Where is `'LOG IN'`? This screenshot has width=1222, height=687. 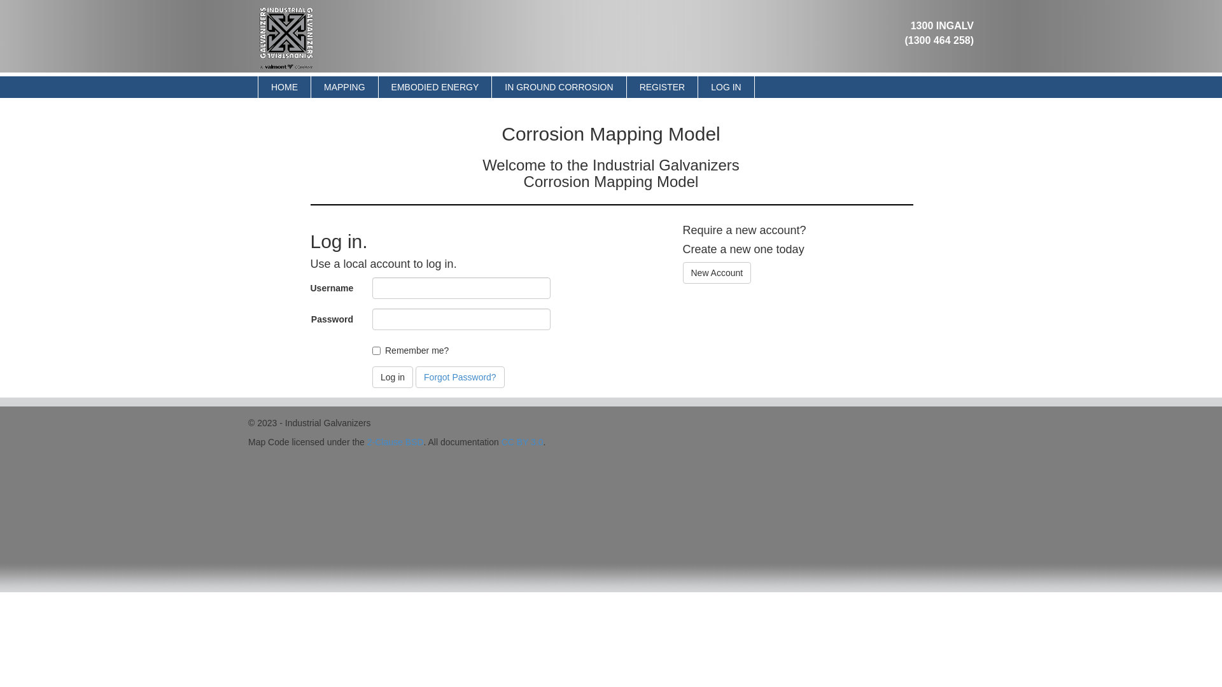 'LOG IN' is located at coordinates (698, 87).